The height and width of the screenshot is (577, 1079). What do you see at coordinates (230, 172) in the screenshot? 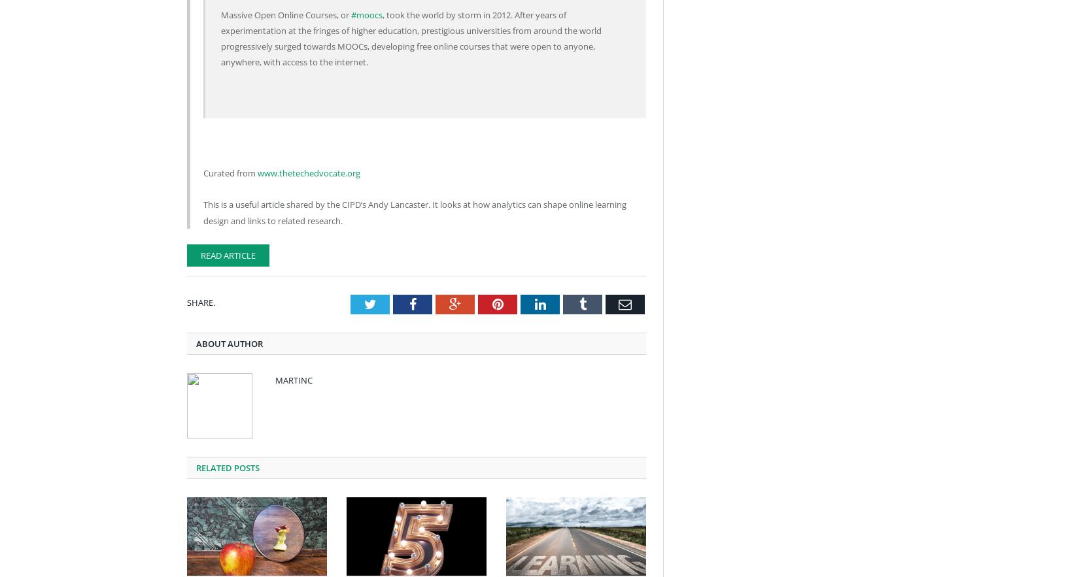
I see `'Curated from'` at bounding box center [230, 172].